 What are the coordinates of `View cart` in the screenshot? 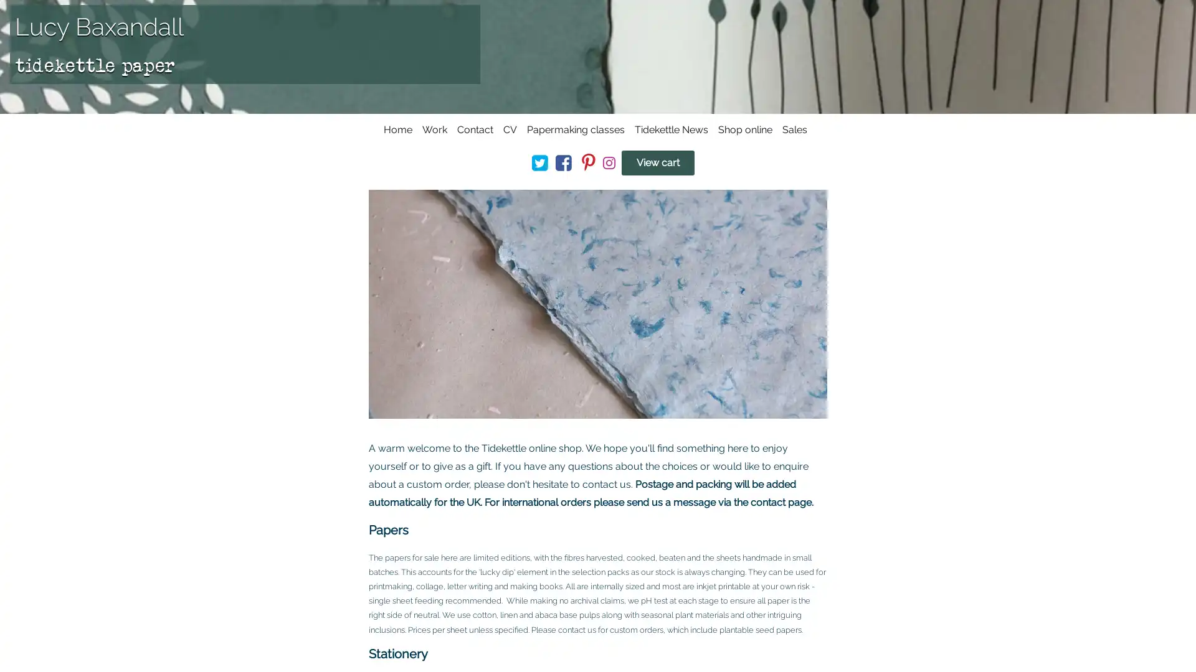 It's located at (657, 162).